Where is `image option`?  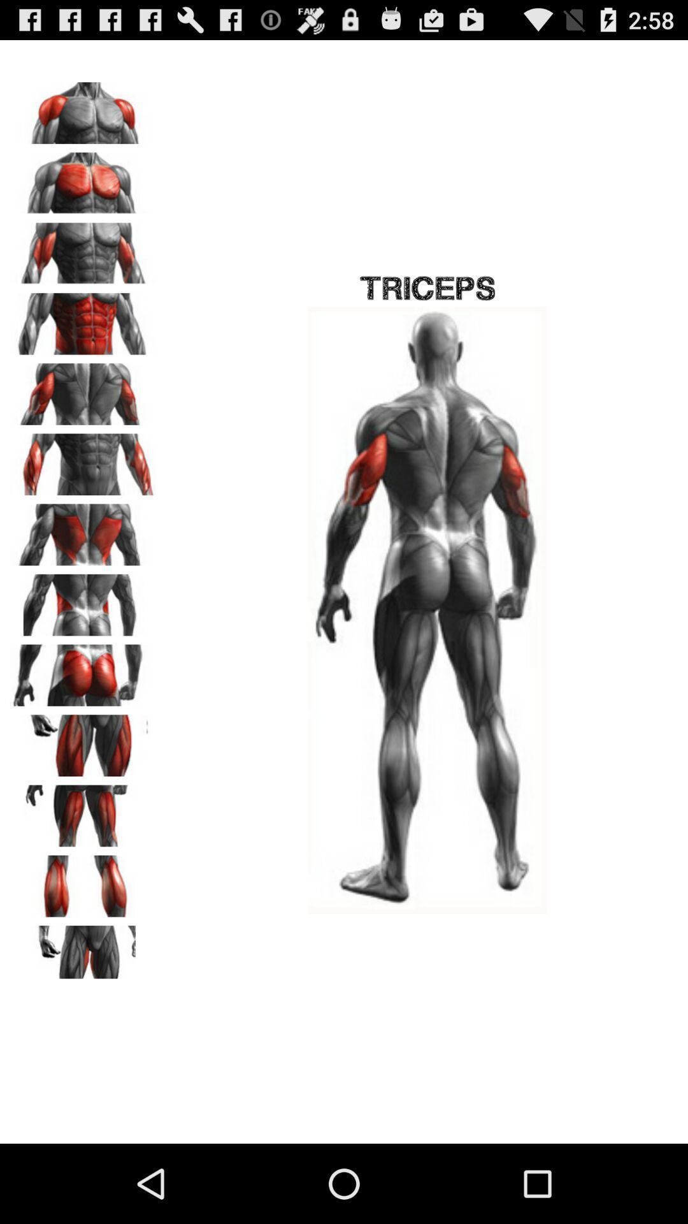 image option is located at coordinates (83, 108).